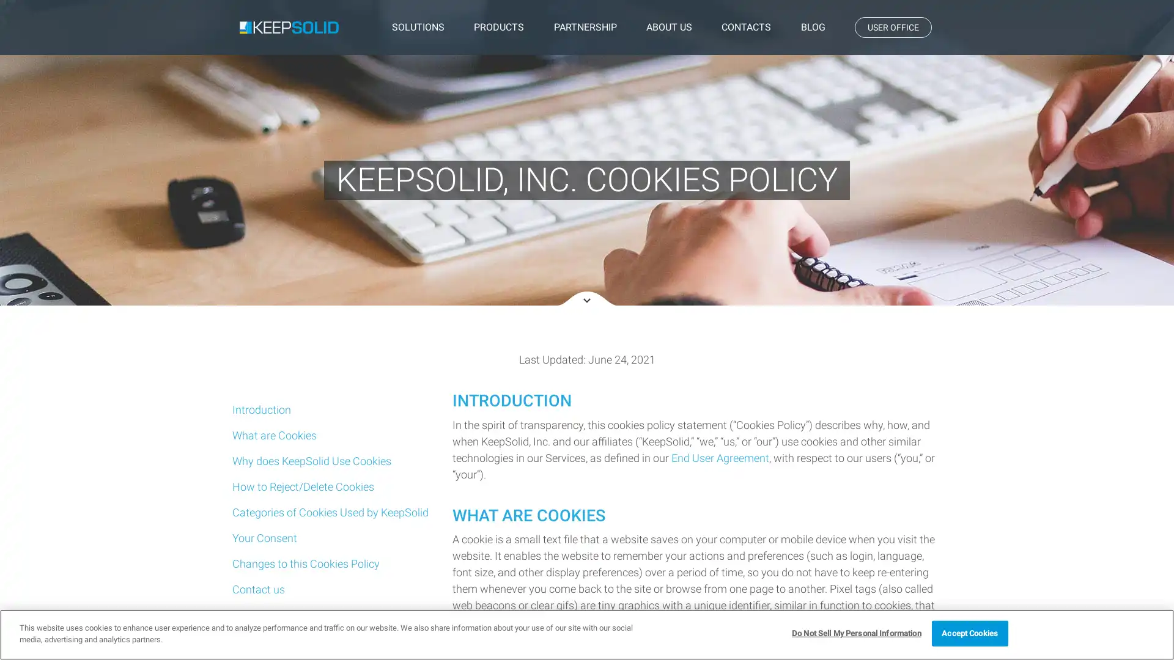 The image size is (1174, 660). What do you see at coordinates (855, 632) in the screenshot?
I see `Do Not Sell My Personal Information` at bounding box center [855, 632].